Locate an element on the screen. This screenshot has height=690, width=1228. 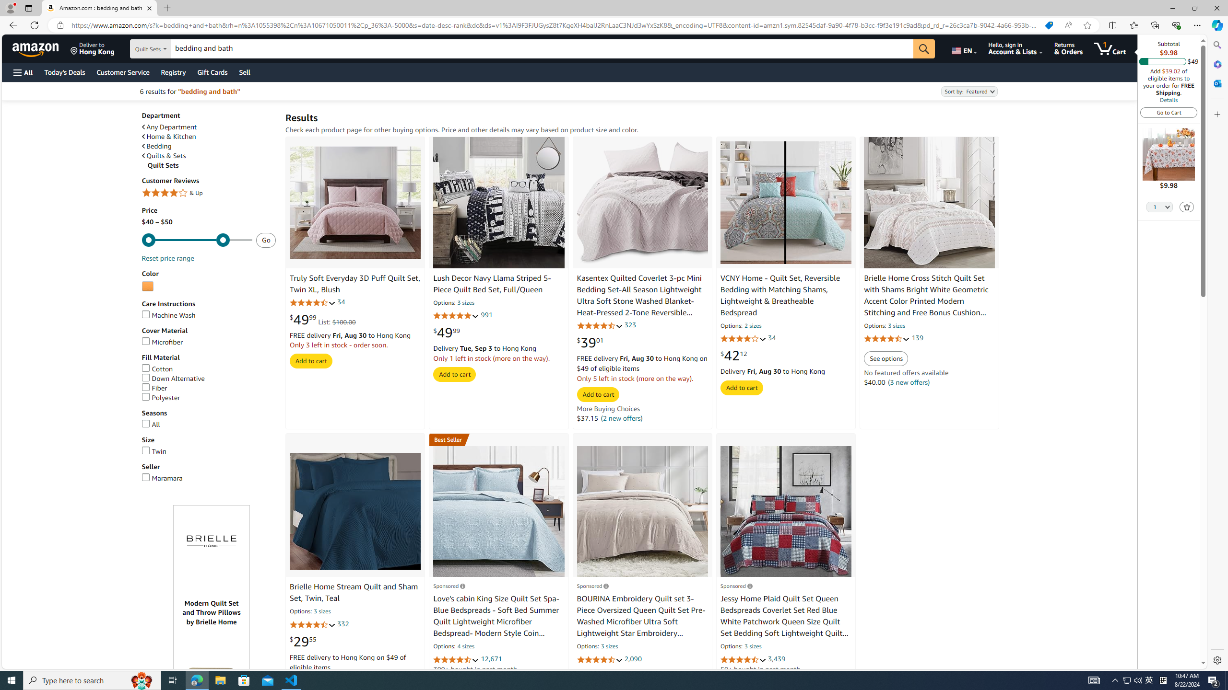
'(3 new offers)' is located at coordinates (908, 382).